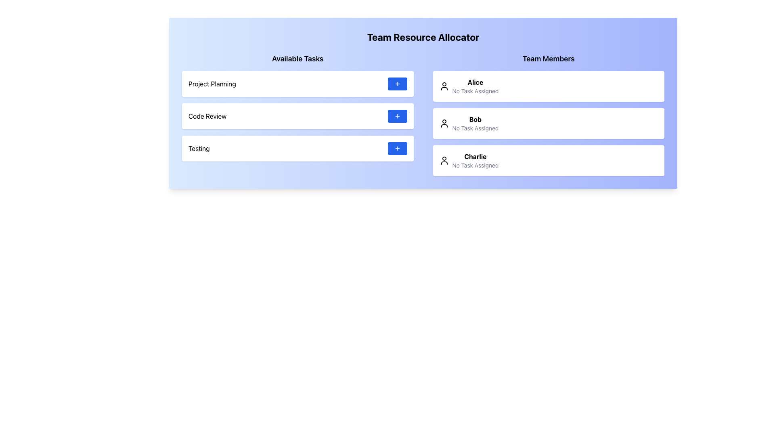 The height and width of the screenshot is (436, 775). I want to click on the task item labeled 'Project Planning' for further details, which is the first item in the 'Available Tasks' list, so click(297, 84).